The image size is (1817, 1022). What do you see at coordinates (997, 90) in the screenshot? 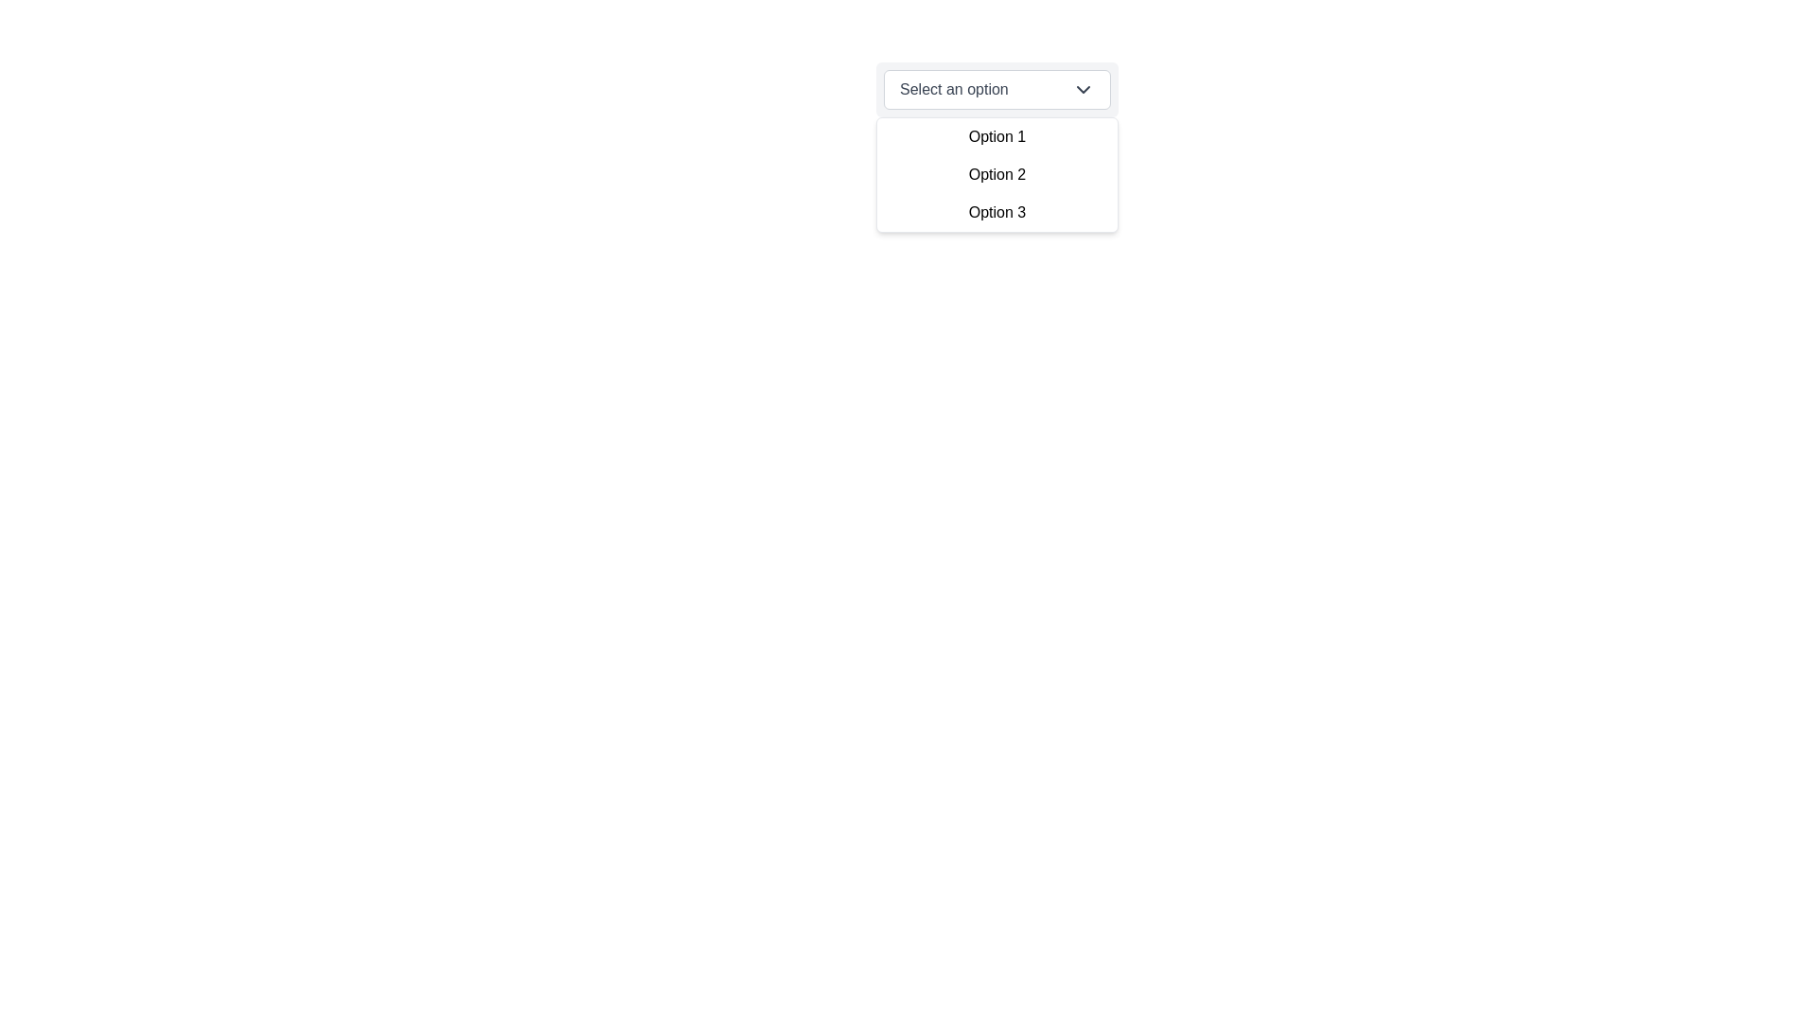
I see `the dropdown selector with the text 'Select an option'` at bounding box center [997, 90].